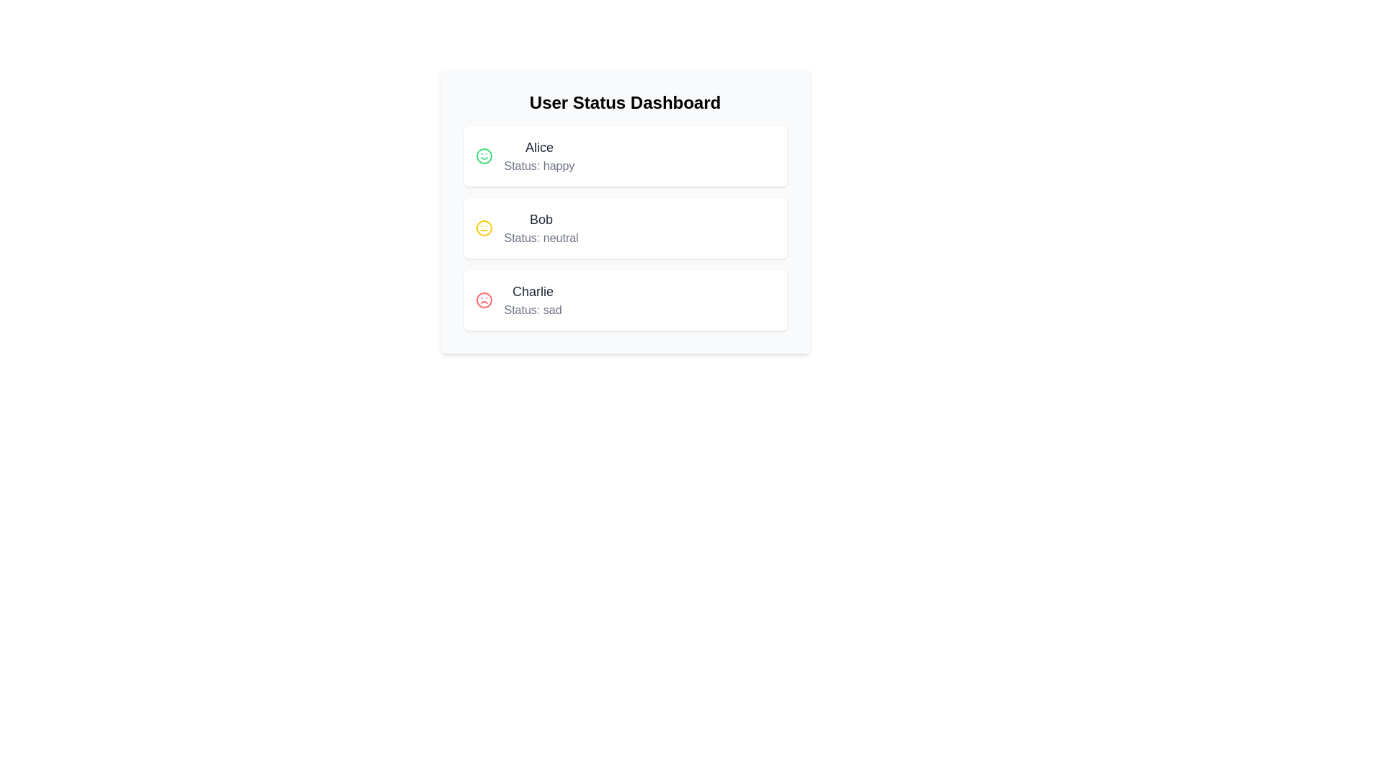 The height and width of the screenshot is (778, 1384). What do you see at coordinates (541, 219) in the screenshot?
I see `text content of the 'Bob' Text Label located in the upper part of the second card in the 'User Status Dashboard' section, which is displayed in bold dark gray font above the status descriptor` at bounding box center [541, 219].